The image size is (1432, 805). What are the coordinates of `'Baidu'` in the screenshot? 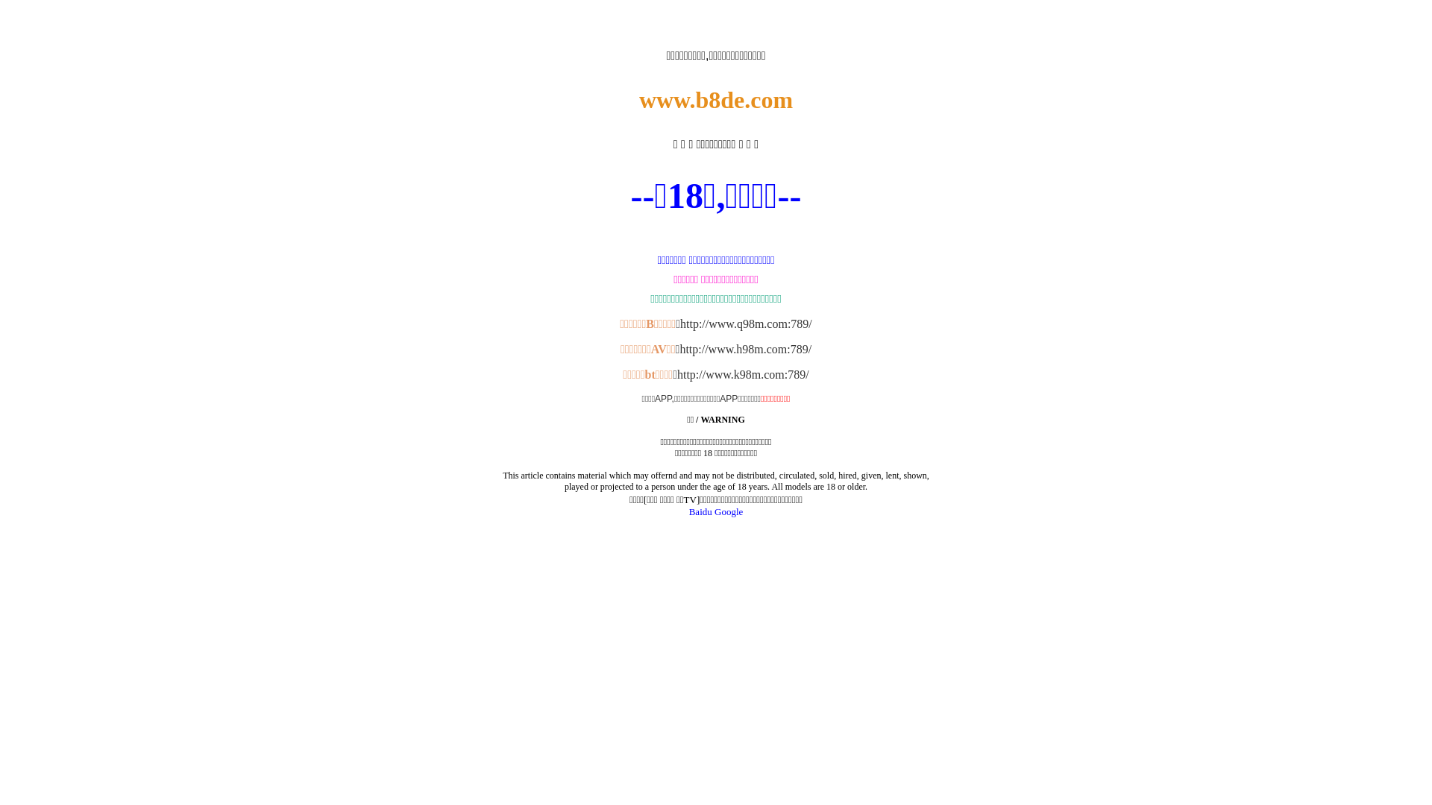 It's located at (700, 511).